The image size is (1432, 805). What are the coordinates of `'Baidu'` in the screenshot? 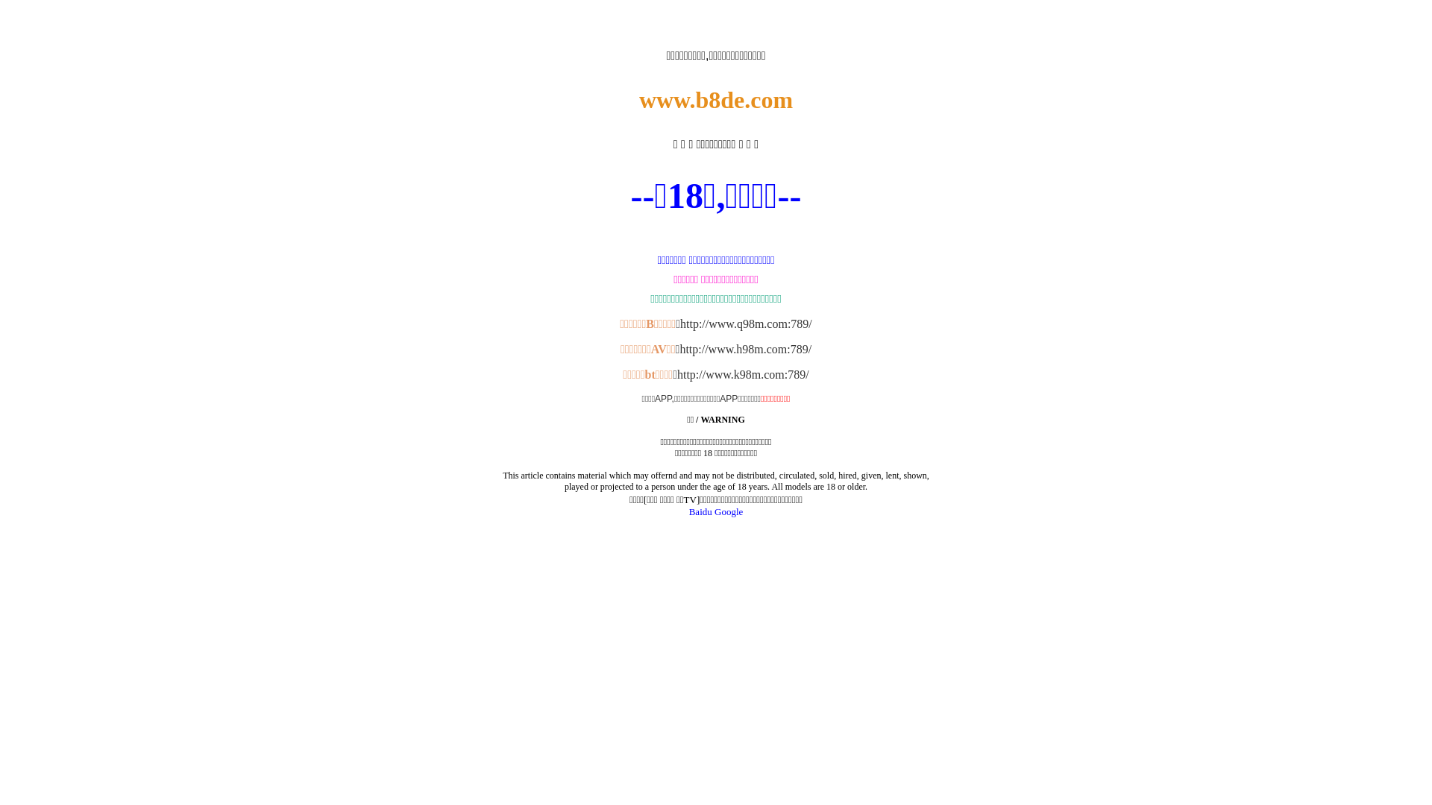 It's located at (700, 511).